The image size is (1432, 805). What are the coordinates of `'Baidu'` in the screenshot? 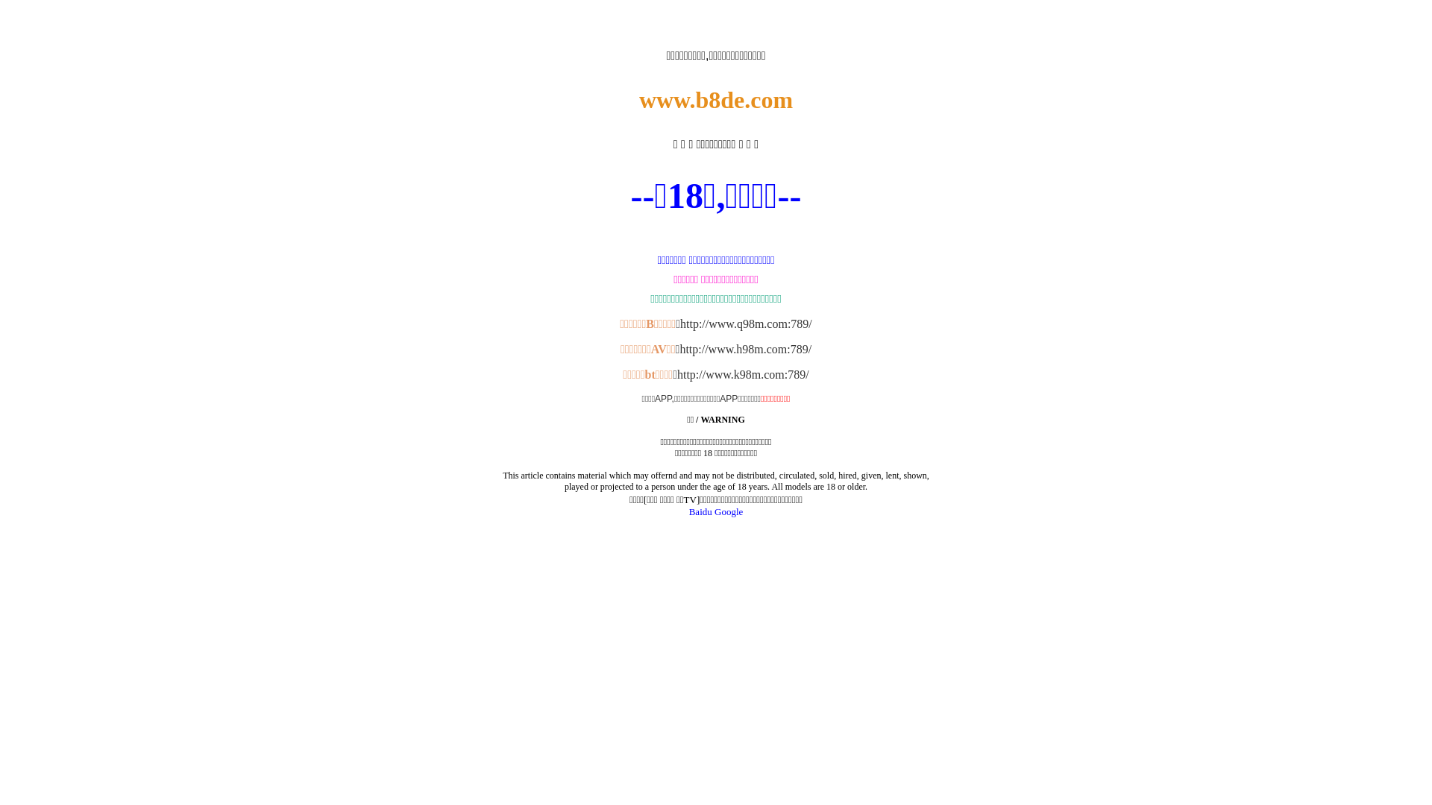 It's located at (700, 511).